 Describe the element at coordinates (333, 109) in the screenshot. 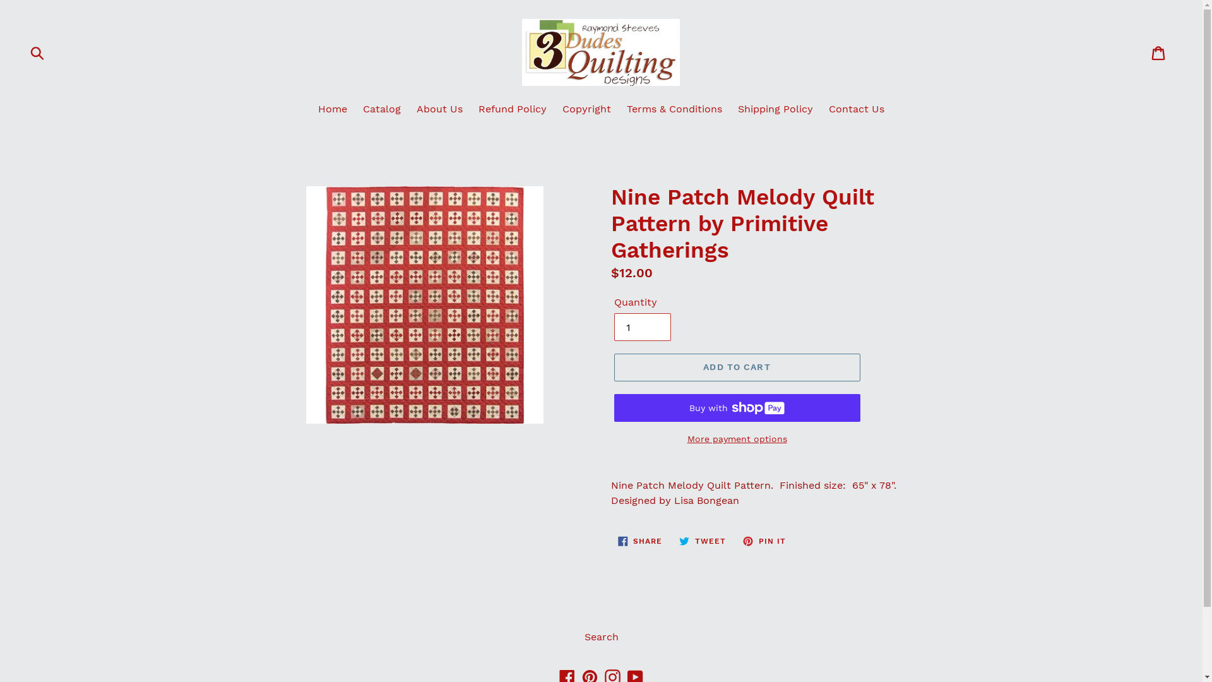

I see `'Home'` at that location.